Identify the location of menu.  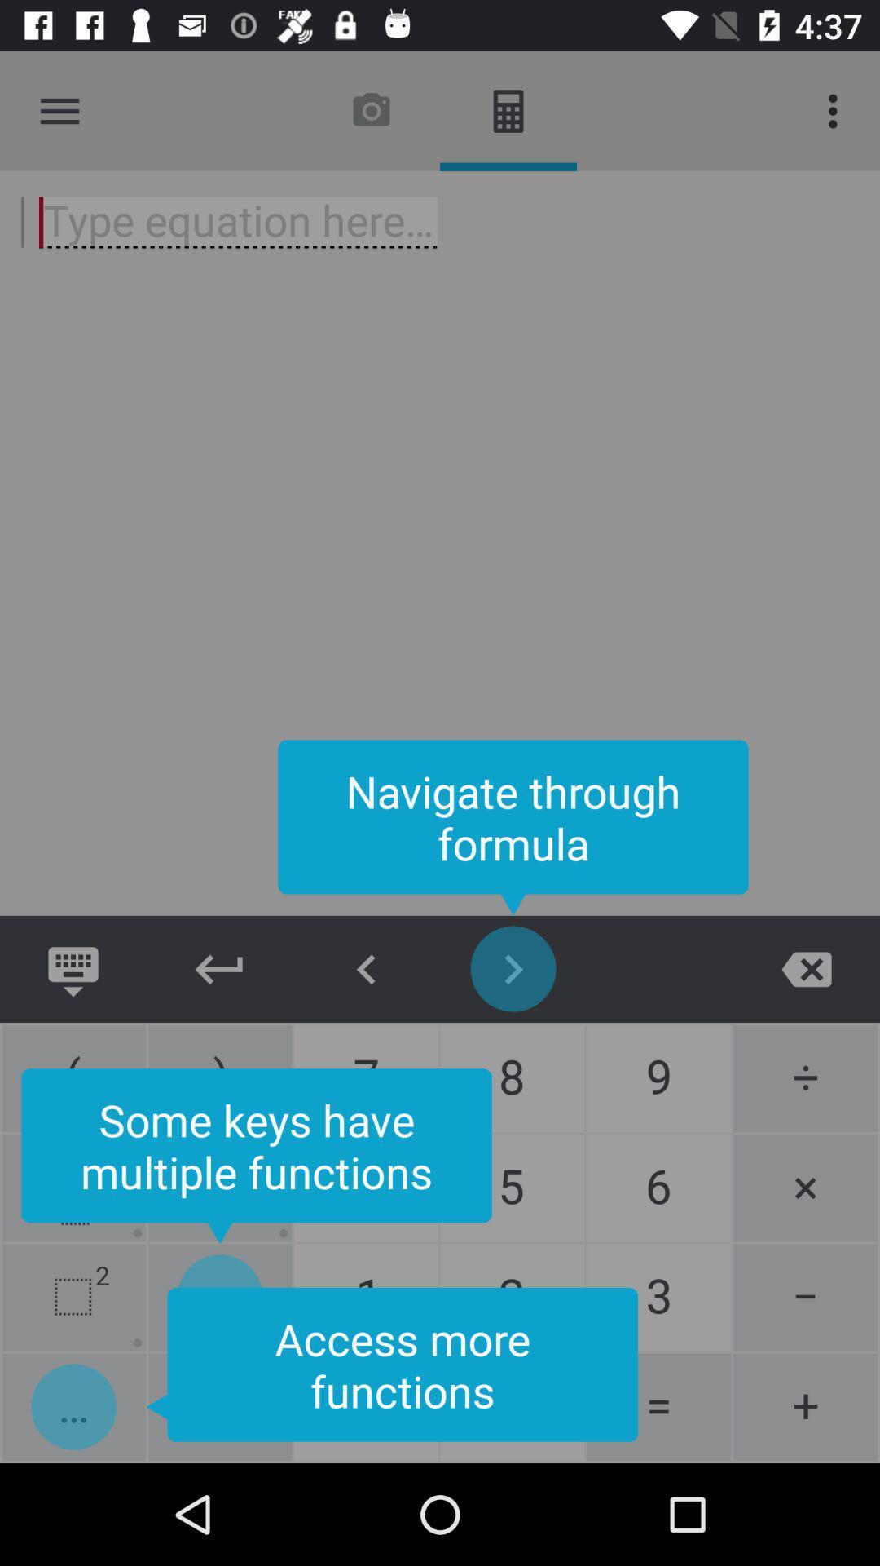
(59, 110).